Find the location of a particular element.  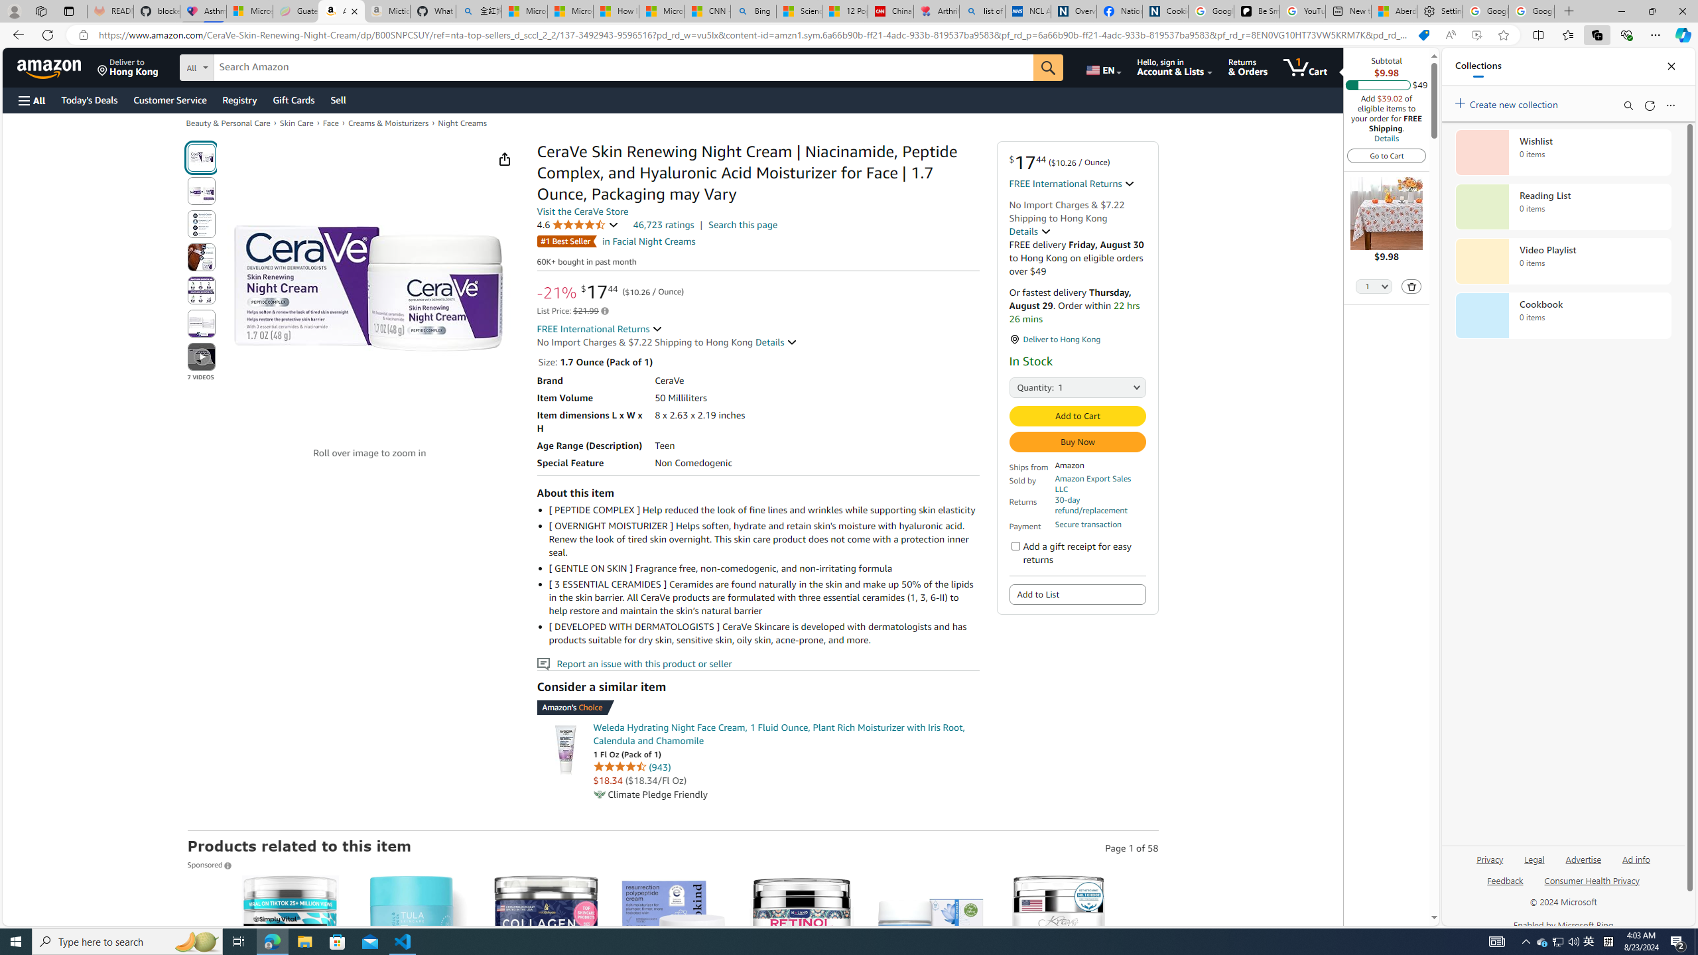

'FREE International Returns ' is located at coordinates (600, 328).